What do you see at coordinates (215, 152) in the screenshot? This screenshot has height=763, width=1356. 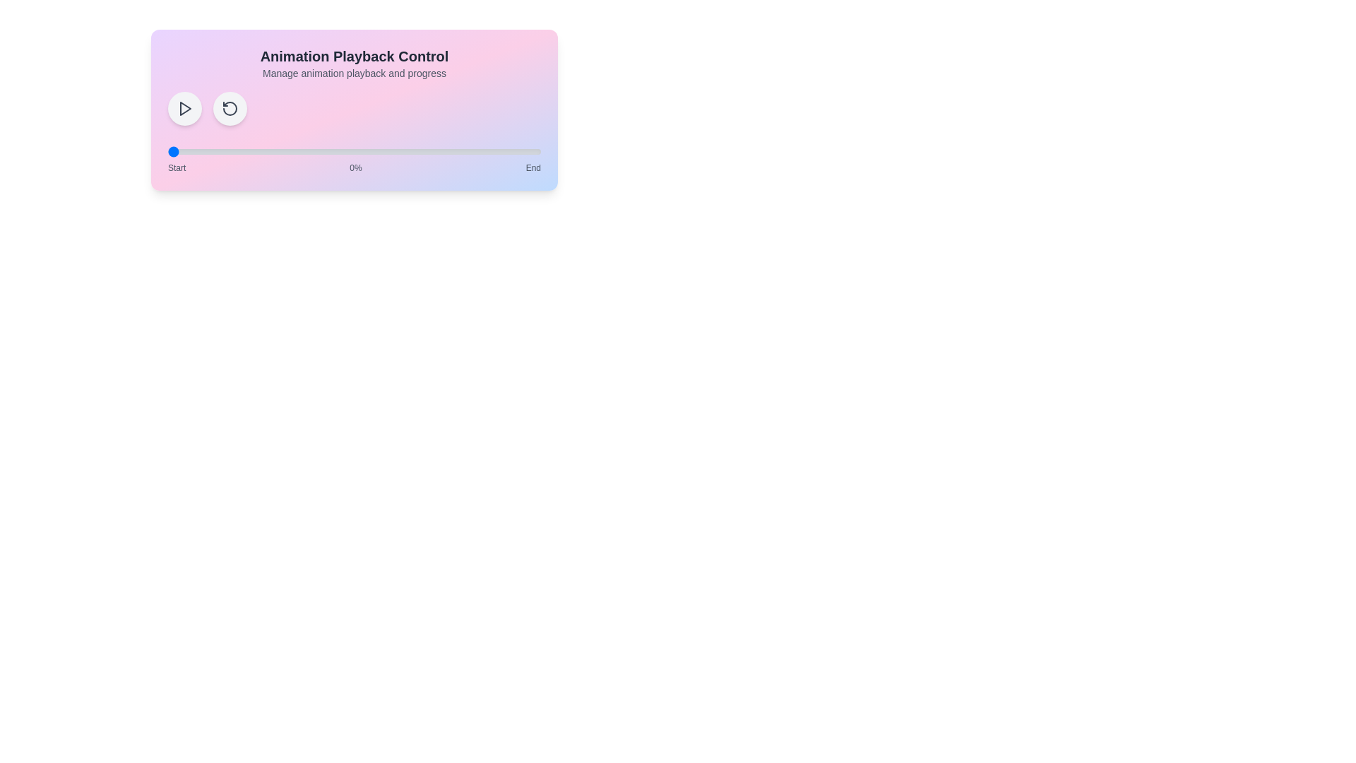 I see `the animation progress to 13% by interacting with the range slider` at bounding box center [215, 152].